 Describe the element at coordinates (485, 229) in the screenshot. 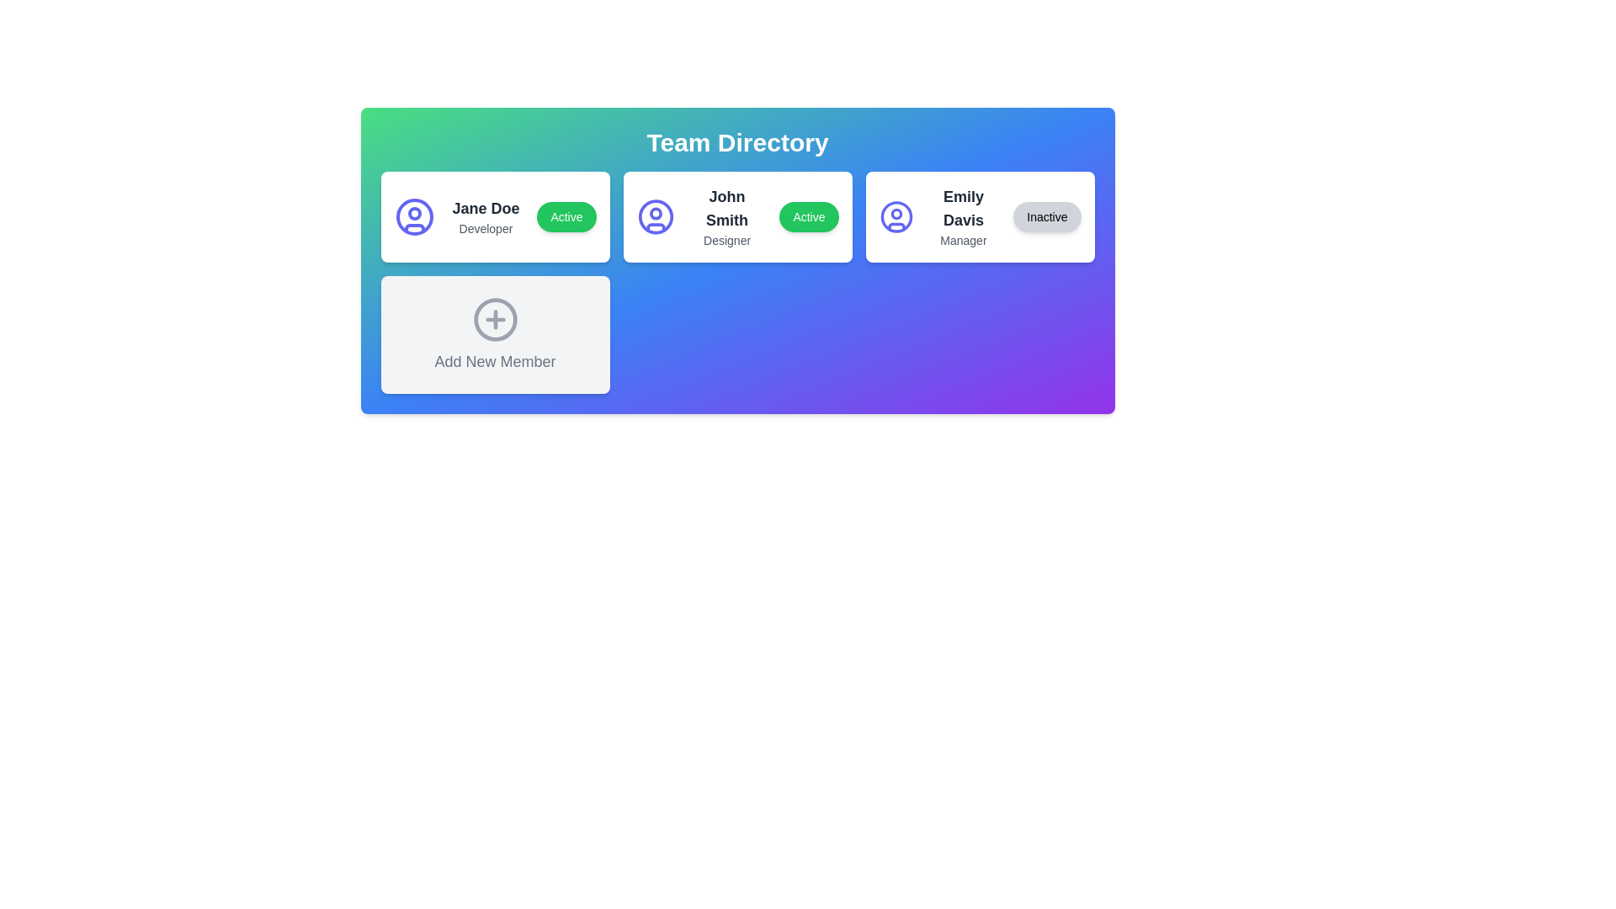

I see `the text label displaying 'Developer', which is styled in small gray font and positioned below the bold 'Jane Doe' text in the card layout` at that location.